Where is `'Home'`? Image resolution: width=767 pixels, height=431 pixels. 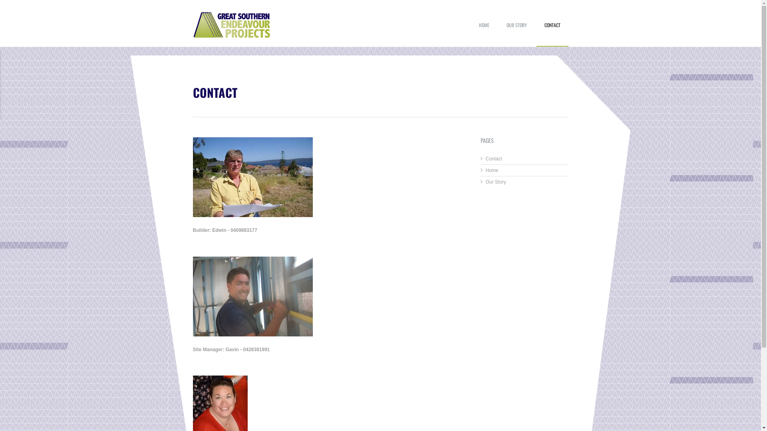
'Home' is located at coordinates (492, 170).